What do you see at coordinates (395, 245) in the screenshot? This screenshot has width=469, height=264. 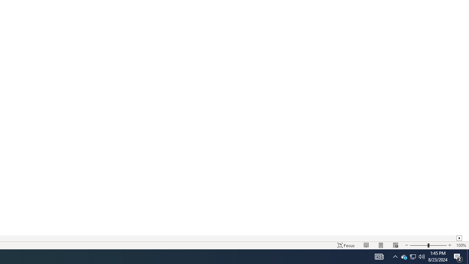 I see `'Web Layout'` at bounding box center [395, 245].